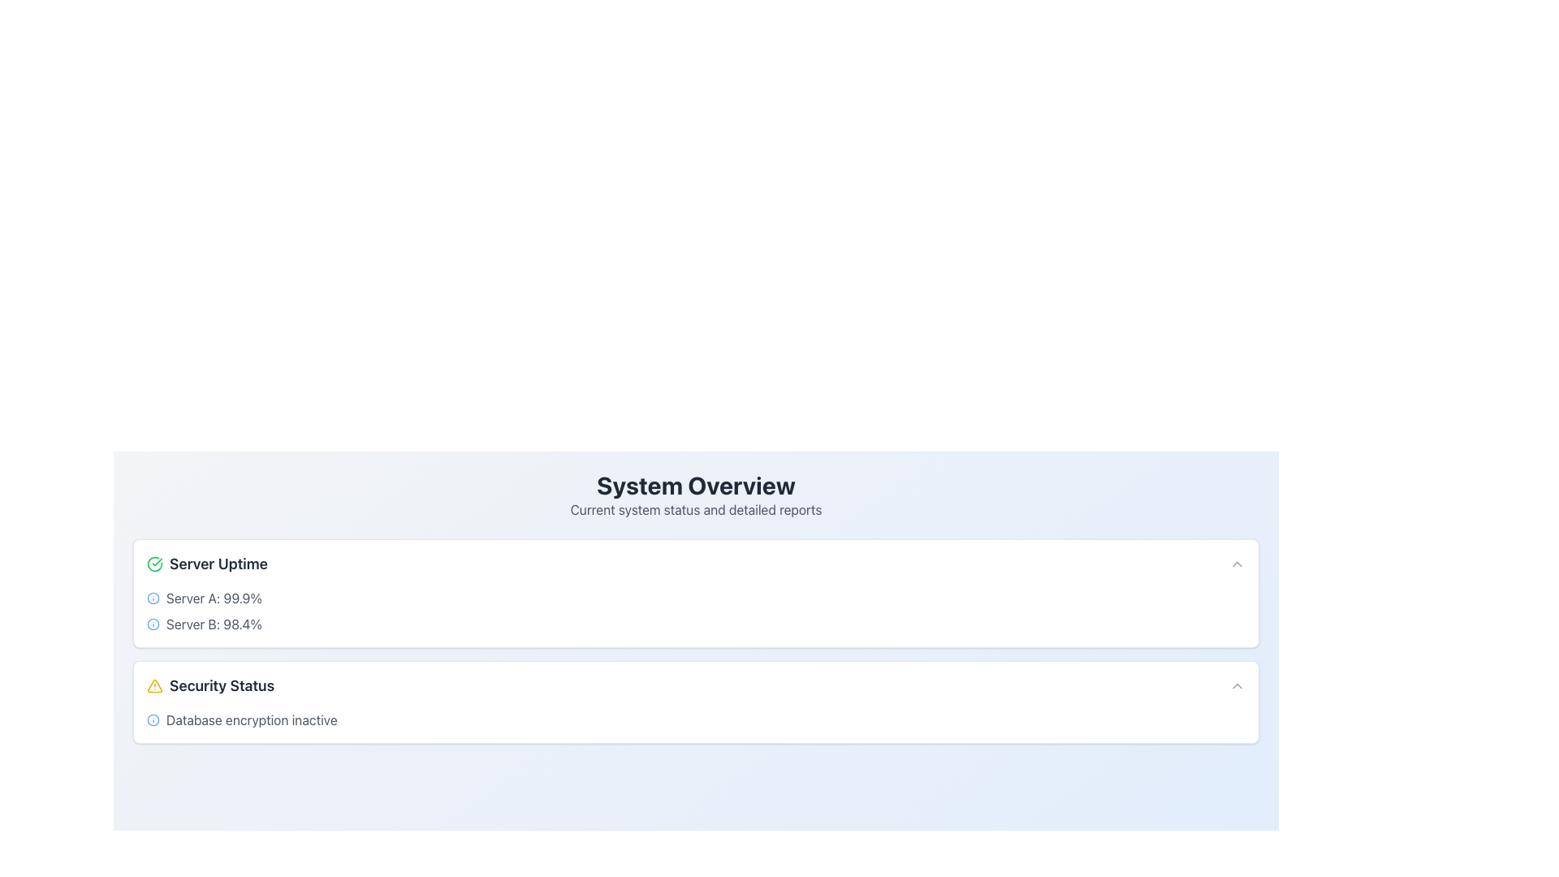 The width and height of the screenshot is (1559, 877). Describe the element at coordinates (221, 685) in the screenshot. I see `the 'Security Status' text label, which is styled with a larger, bold font in dark gray and positioned to the right of a yellow triangular warning icon` at that location.